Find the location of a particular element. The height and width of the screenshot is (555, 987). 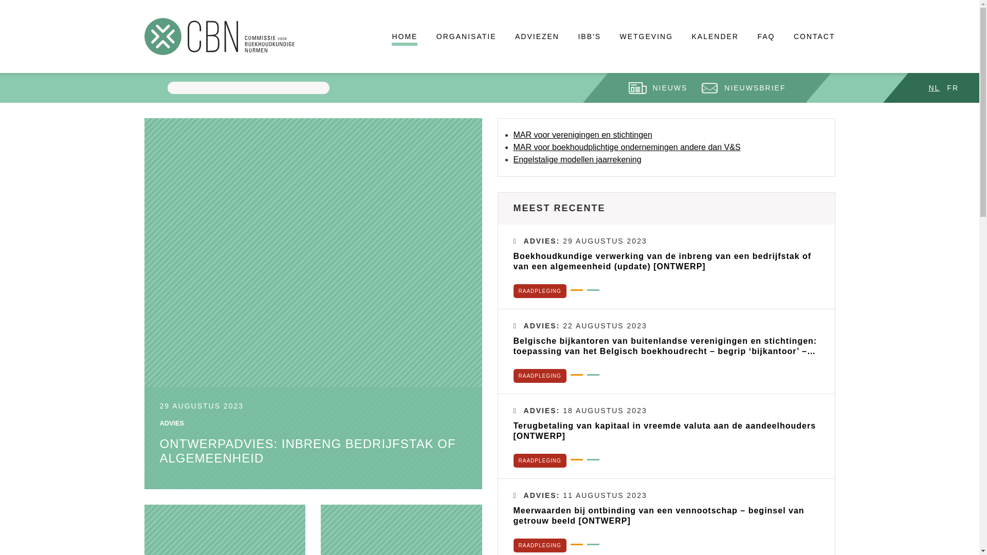

'ADVIEZEN' is located at coordinates (537, 37).